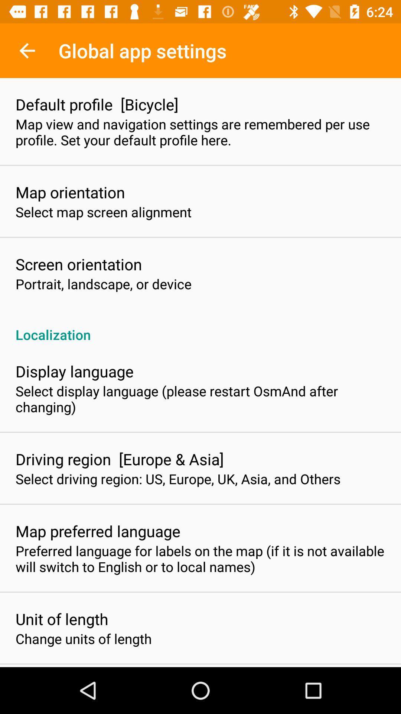 The width and height of the screenshot is (401, 714). I want to click on the icon below the map orientation, so click(103, 212).